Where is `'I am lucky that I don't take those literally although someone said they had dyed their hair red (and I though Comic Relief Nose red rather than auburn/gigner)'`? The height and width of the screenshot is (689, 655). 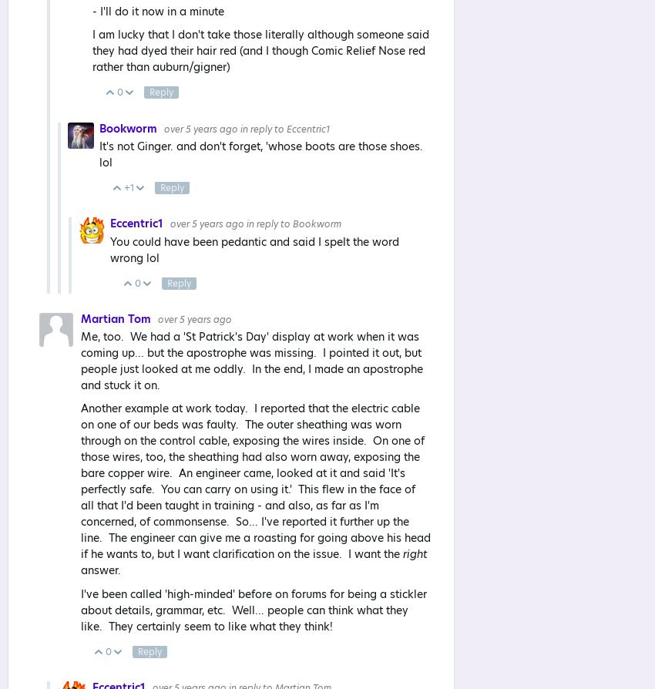
'I am lucky that I don't take those literally although someone said they had dyed their hair red (and I though Comic Relief Nose red rather than auburn/gigner)' is located at coordinates (260, 50).